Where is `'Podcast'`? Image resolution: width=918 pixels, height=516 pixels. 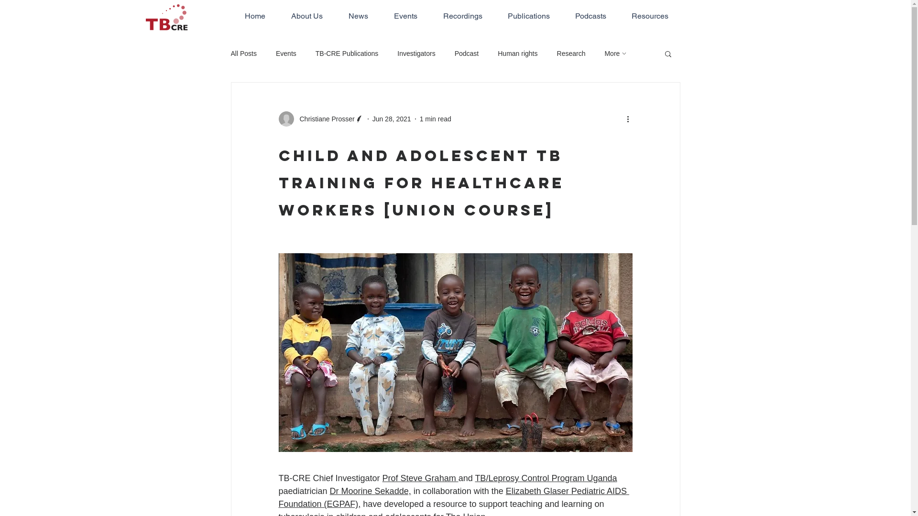
'Podcast' is located at coordinates (467, 53).